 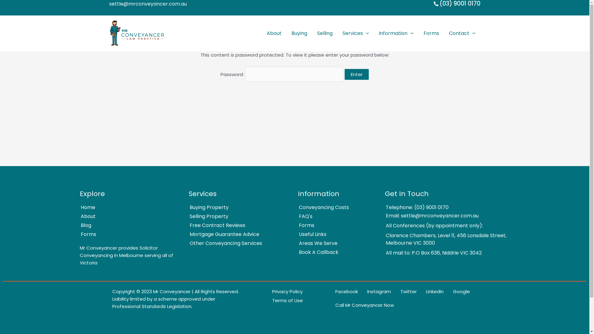 I want to click on 'Selling Property', so click(x=236, y=216).